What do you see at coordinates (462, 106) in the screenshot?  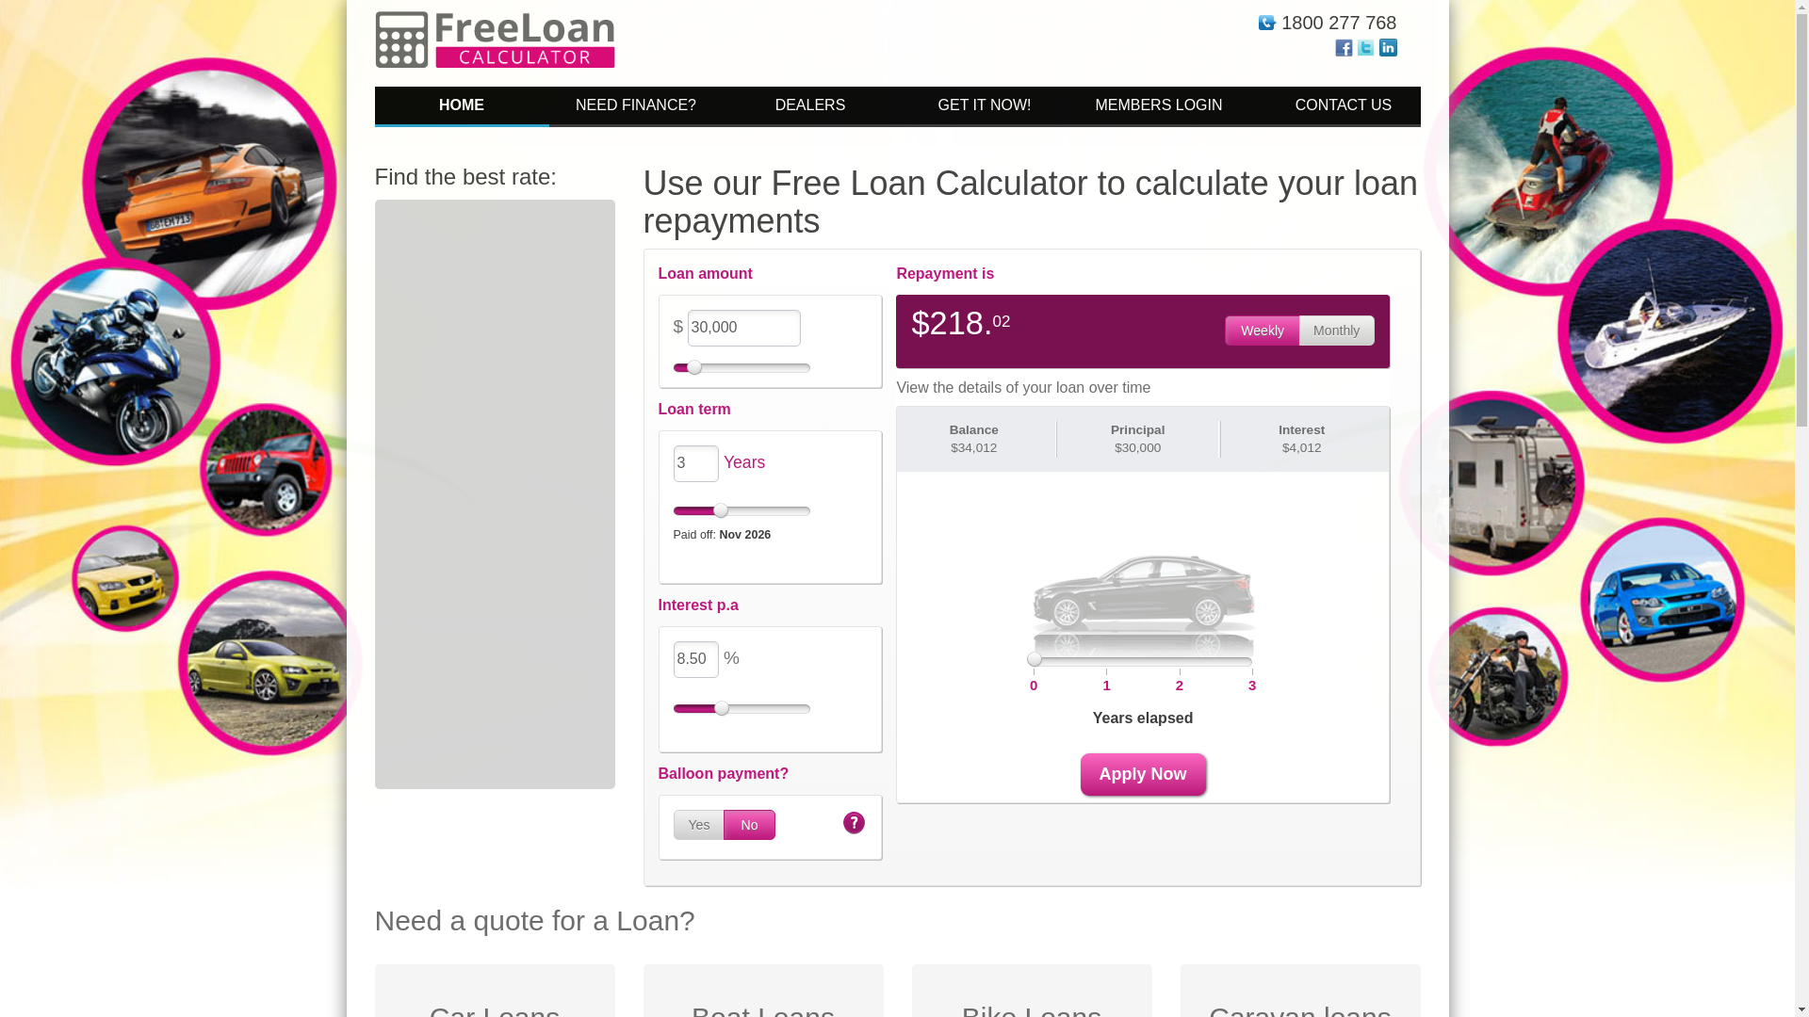 I see `'HOME'` at bounding box center [462, 106].